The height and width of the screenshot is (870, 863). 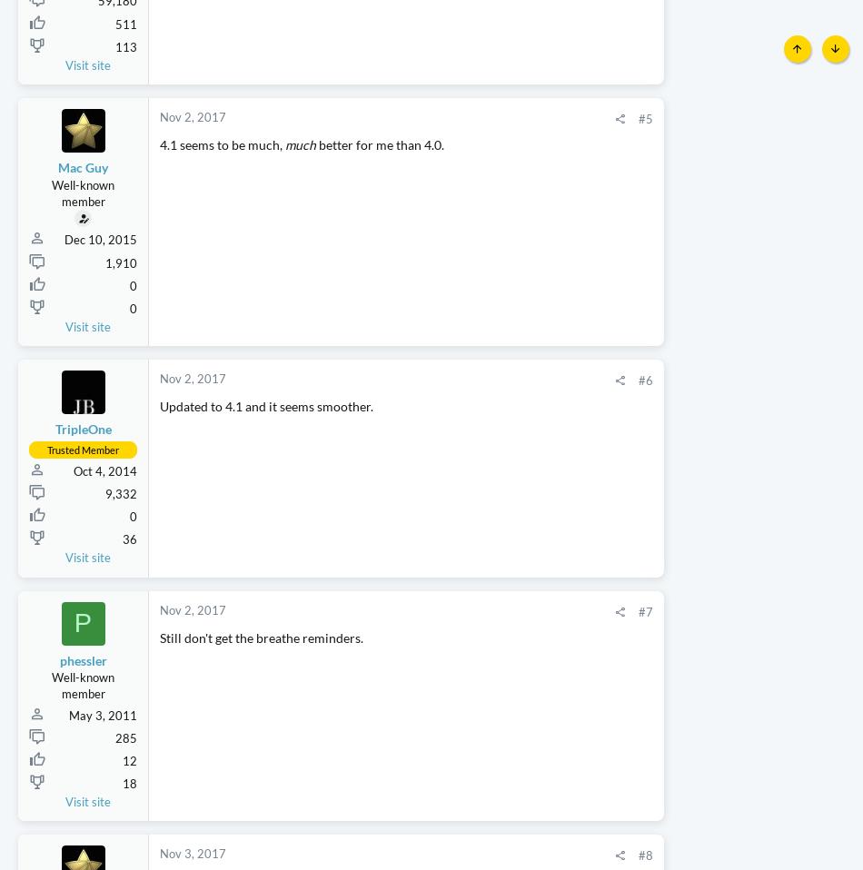 What do you see at coordinates (265, 459) in the screenshot?
I see `'Updated to 4.1 and it seems smoother.'` at bounding box center [265, 459].